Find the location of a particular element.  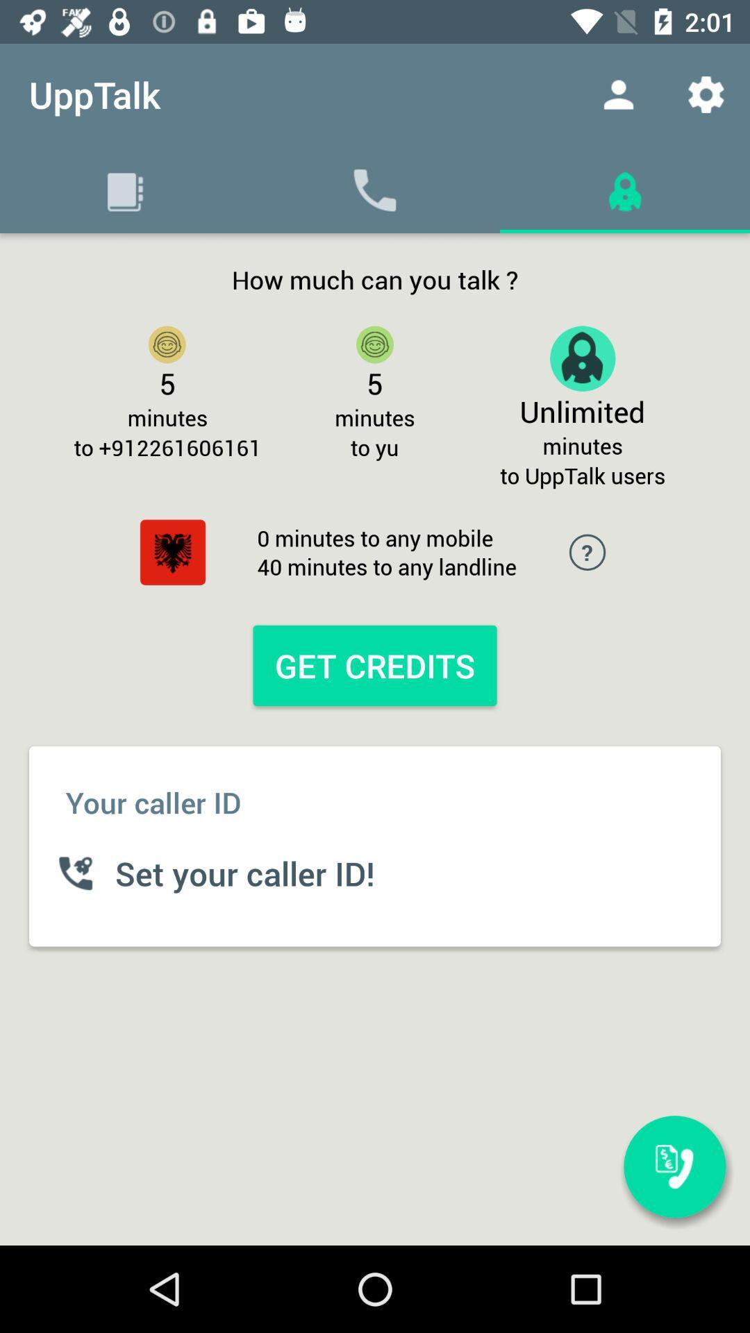

item next to the 0 minutes to icon is located at coordinates (172, 551).